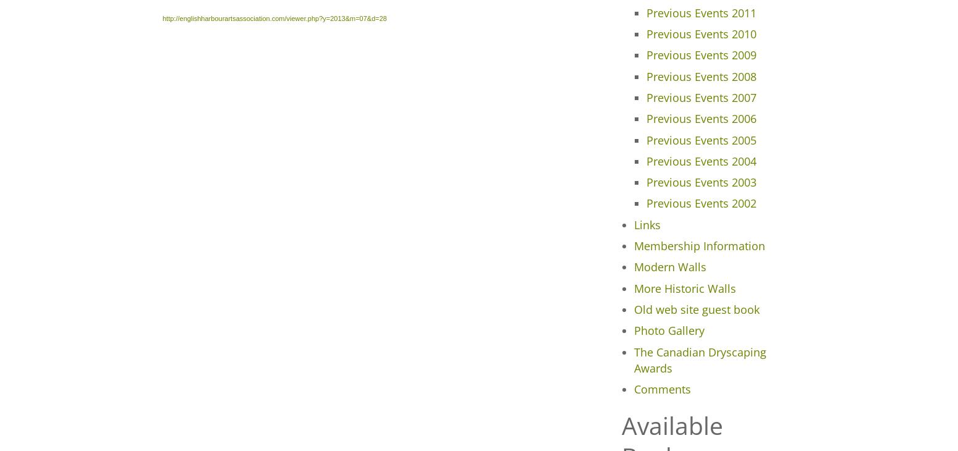 Image resolution: width=958 pixels, height=451 pixels. What do you see at coordinates (669, 266) in the screenshot?
I see `'Modern Walls'` at bounding box center [669, 266].